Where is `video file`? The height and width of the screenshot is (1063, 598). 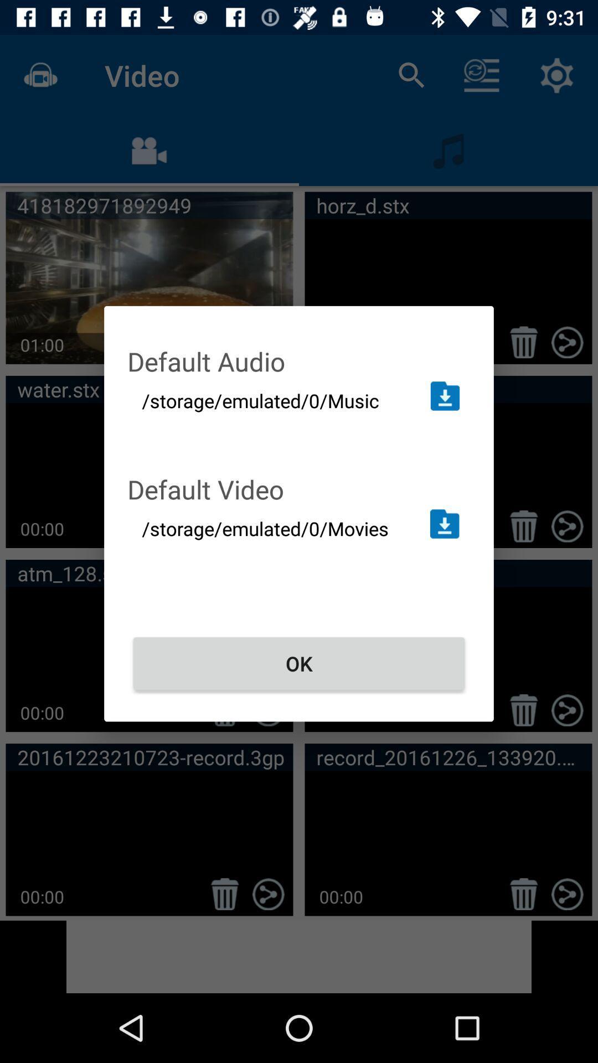 video file is located at coordinates (444, 523).